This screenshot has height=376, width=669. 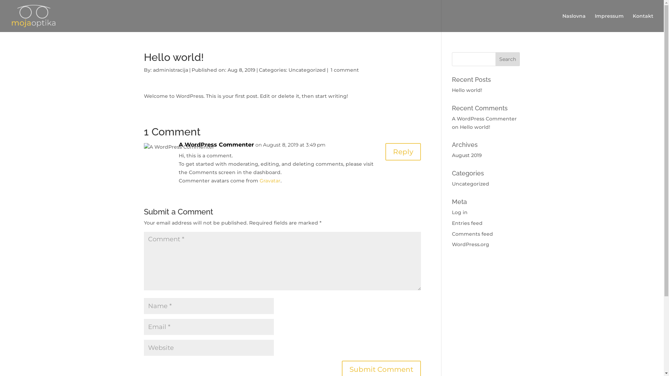 What do you see at coordinates (403, 151) in the screenshot?
I see `'Reply'` at bounding box center [403, 151].